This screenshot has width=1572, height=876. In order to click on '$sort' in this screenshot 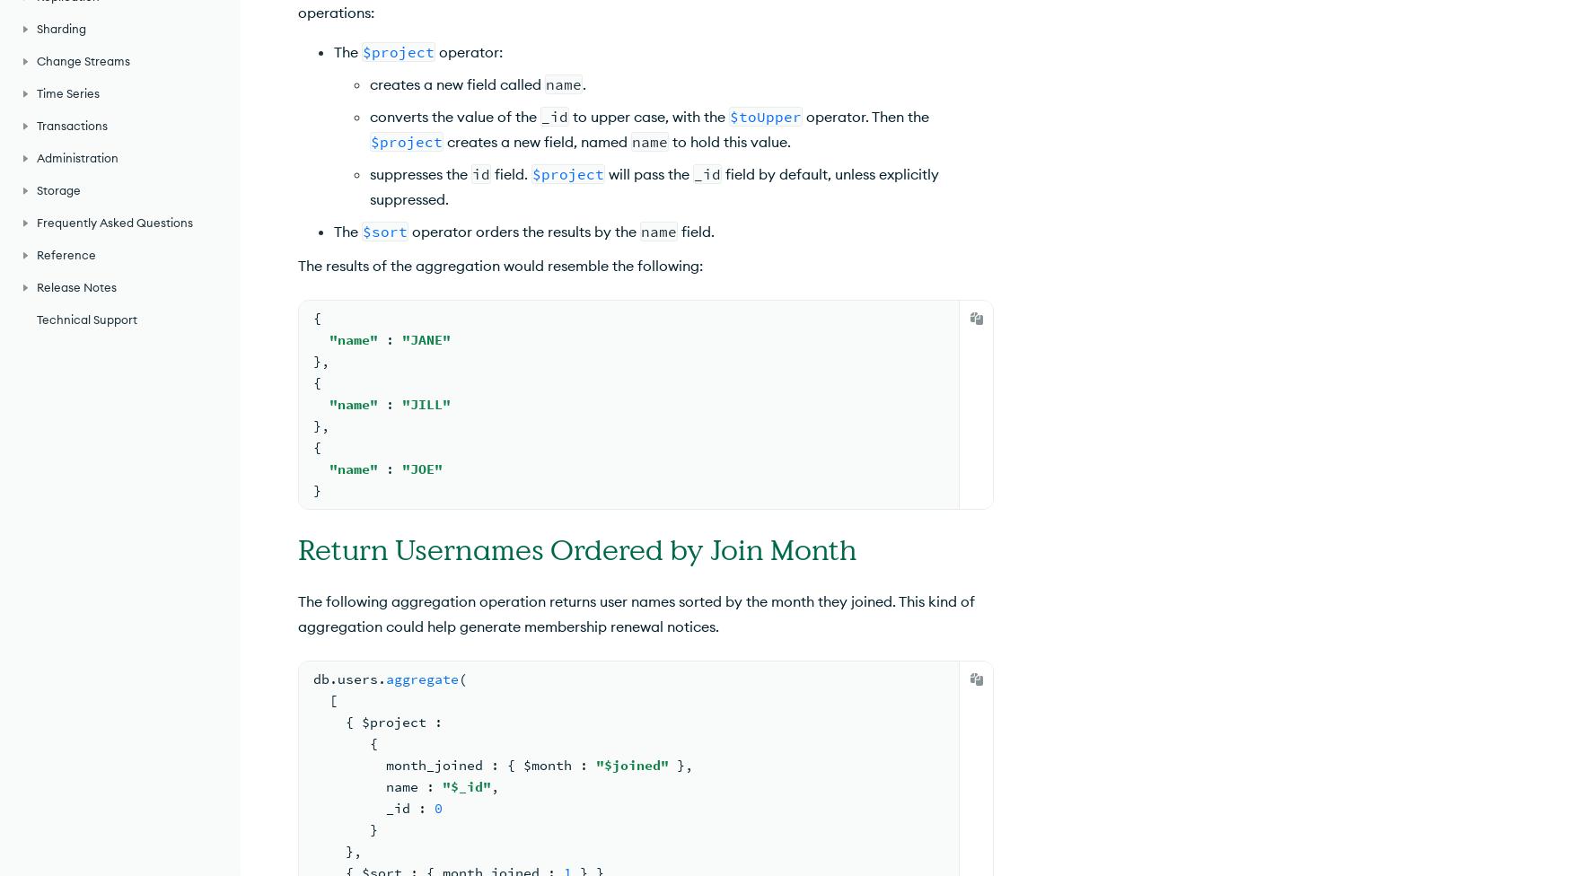, I will do `click(384, 231)`.